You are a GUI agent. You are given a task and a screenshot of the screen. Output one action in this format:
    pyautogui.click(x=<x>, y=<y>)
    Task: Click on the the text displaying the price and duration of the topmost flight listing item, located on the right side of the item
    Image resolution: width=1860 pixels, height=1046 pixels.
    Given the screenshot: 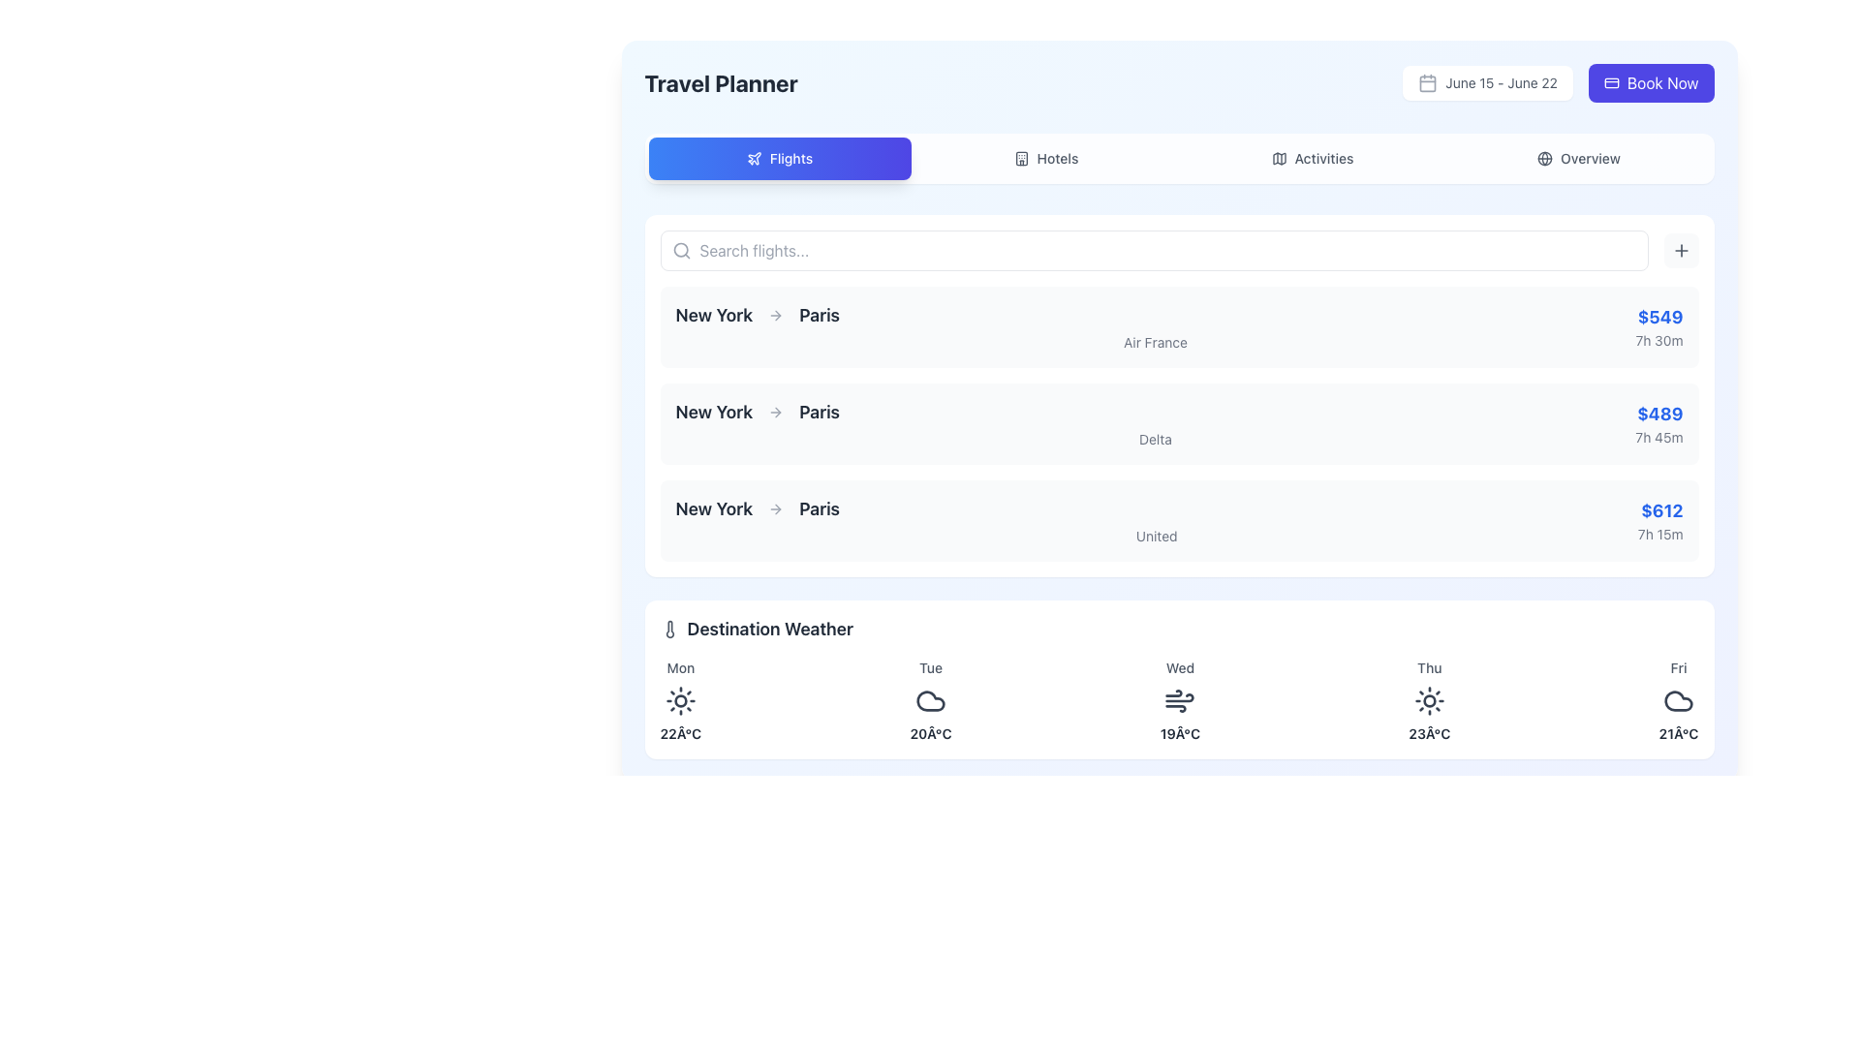 What is the action you would take?
    pyautogui.click(x=1658, y=326)
    